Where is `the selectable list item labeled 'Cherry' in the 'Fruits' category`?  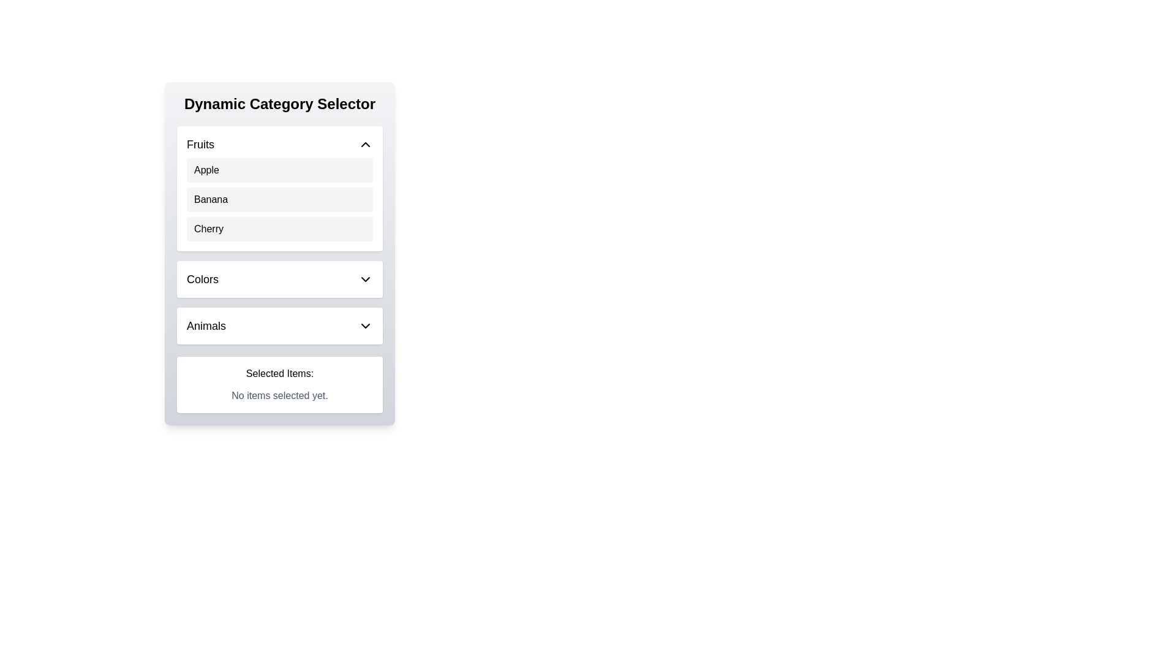 the selectable list item labeled 'Cherry' in the 'Fruits' category is located at coordinates (208, 229).